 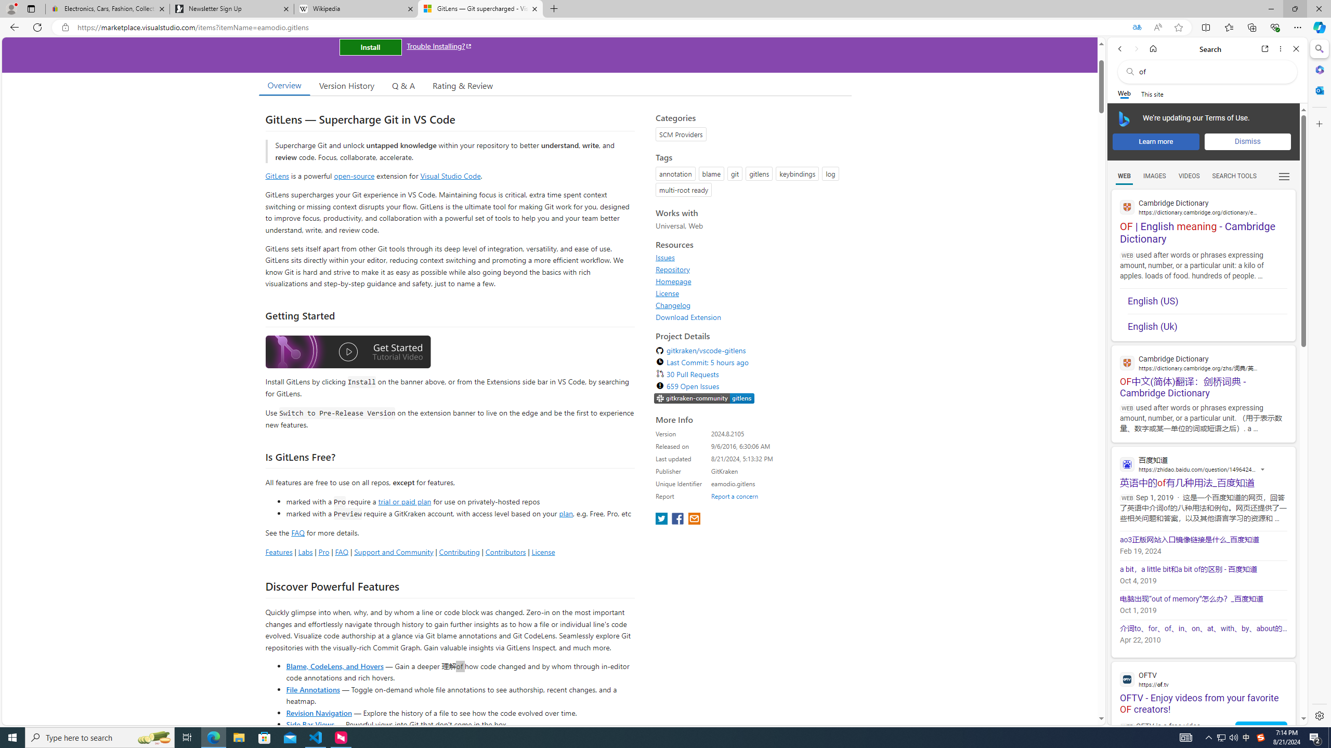 What do you see at coordinates (665, 257) in the screenshot?
I see `'Issues'` at bounding box center [665, 257].